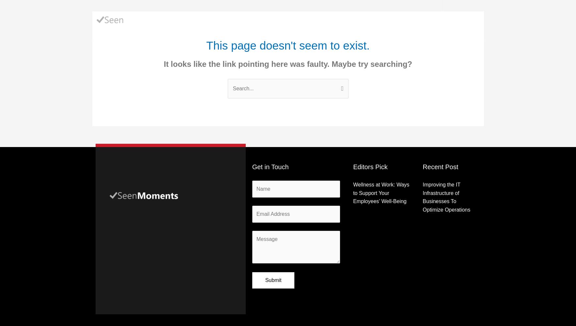 This screenshot has height=326, width=576. What do you see at coordinates (440, 167) in the screenshot?
I see `'Recent Post'` at bounding box center [440, 167].